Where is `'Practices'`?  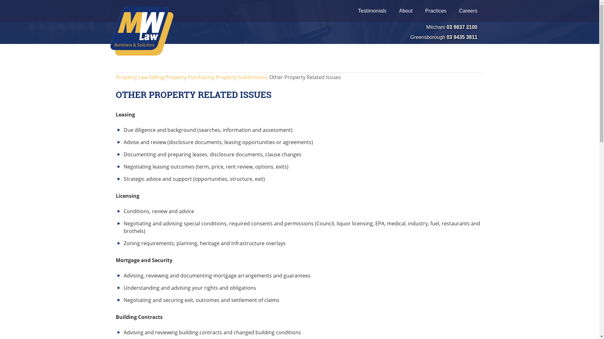 'Practices' is located at coordinates (419, 11).